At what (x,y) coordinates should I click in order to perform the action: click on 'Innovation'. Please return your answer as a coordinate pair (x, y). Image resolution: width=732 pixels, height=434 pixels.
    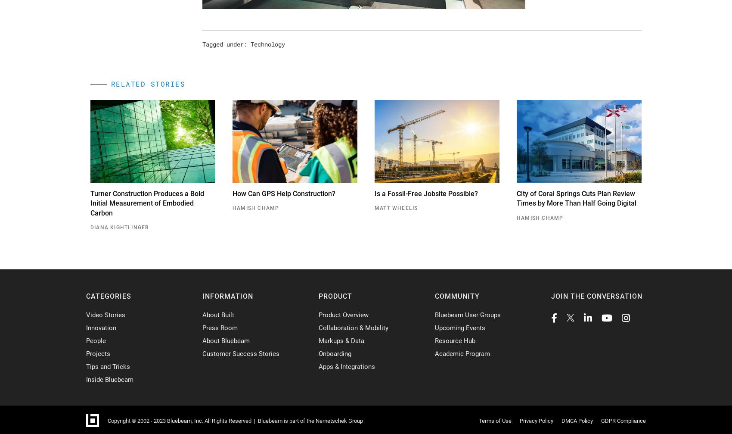
    Looking at the image, I should click on (101, 327).